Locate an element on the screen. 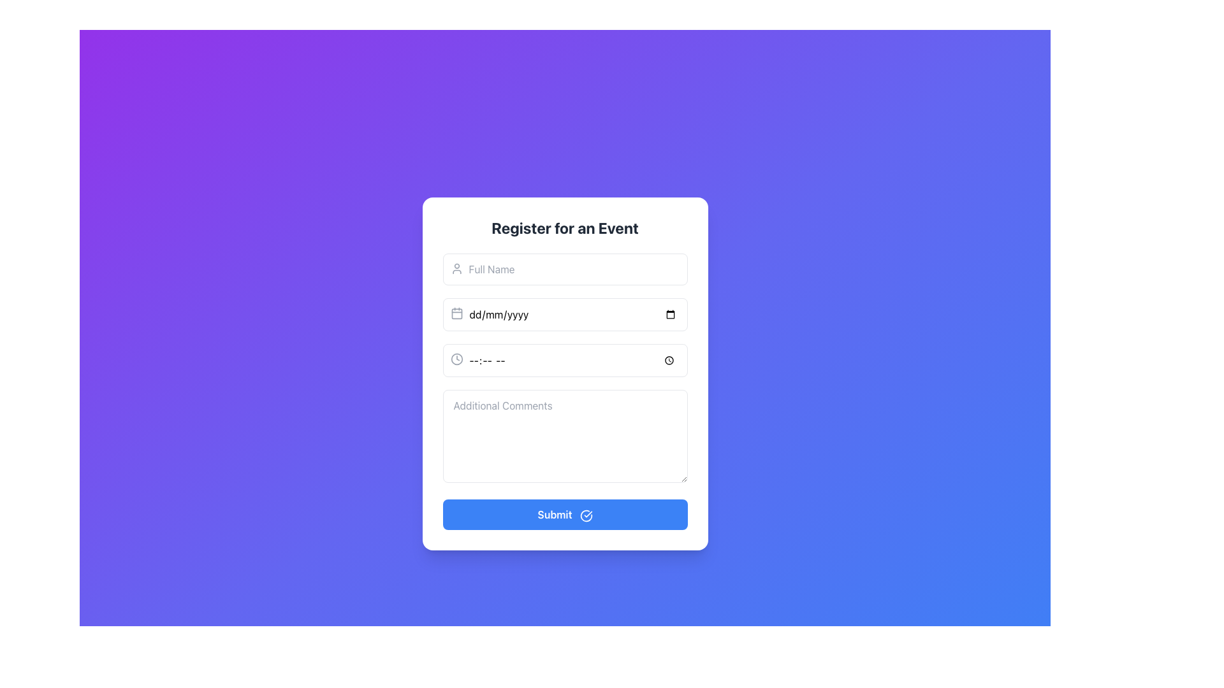 Image resolution: width=1224 pixels, height=688 pixels. the clock icon located inside the 'Register for an Event' input field to interact with the time picker is located at coordinates (456, 359).